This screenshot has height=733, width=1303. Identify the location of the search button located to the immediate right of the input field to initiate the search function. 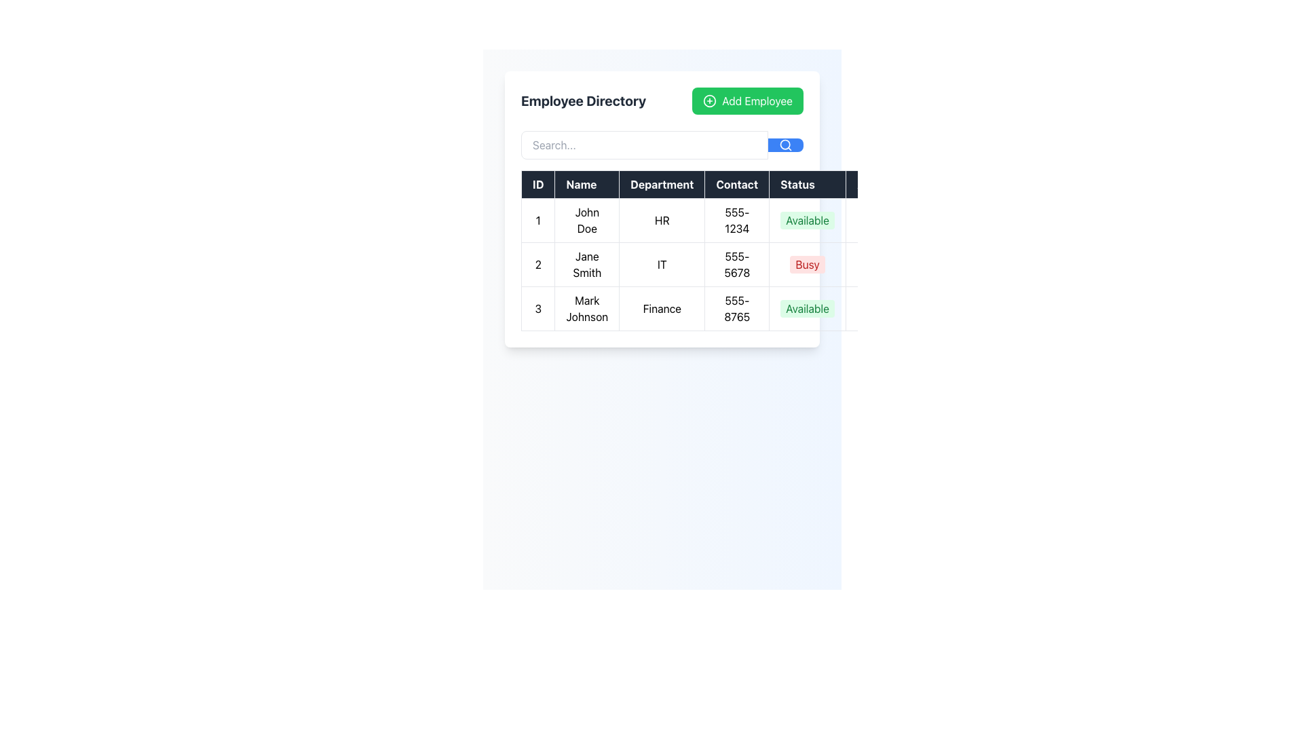
(785, 145).